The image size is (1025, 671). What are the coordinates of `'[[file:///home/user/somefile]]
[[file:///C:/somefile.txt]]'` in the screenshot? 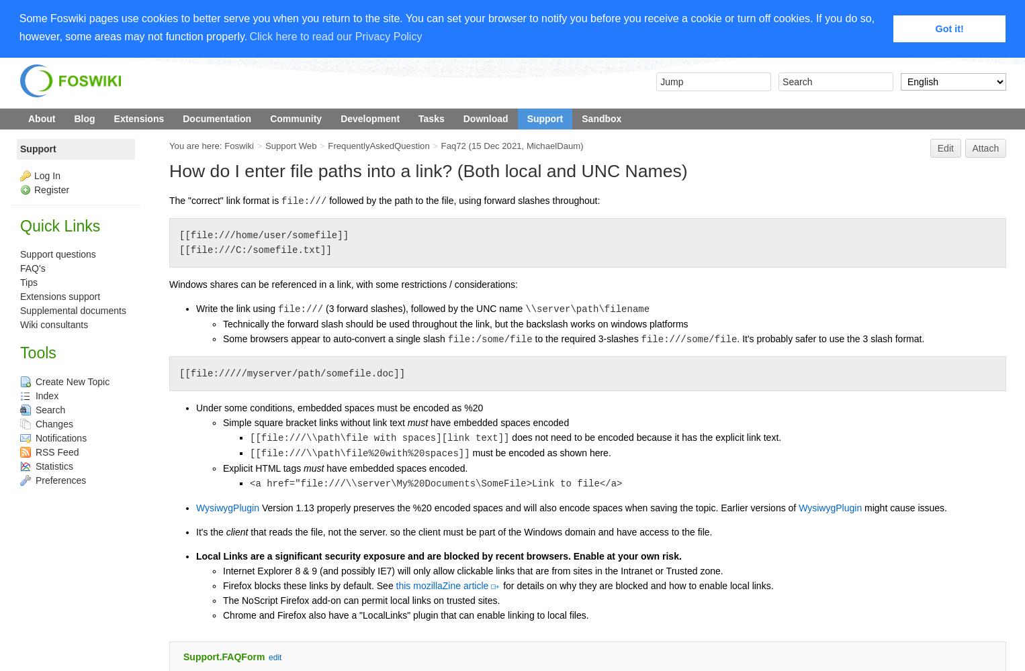 It's located at (263, 242).